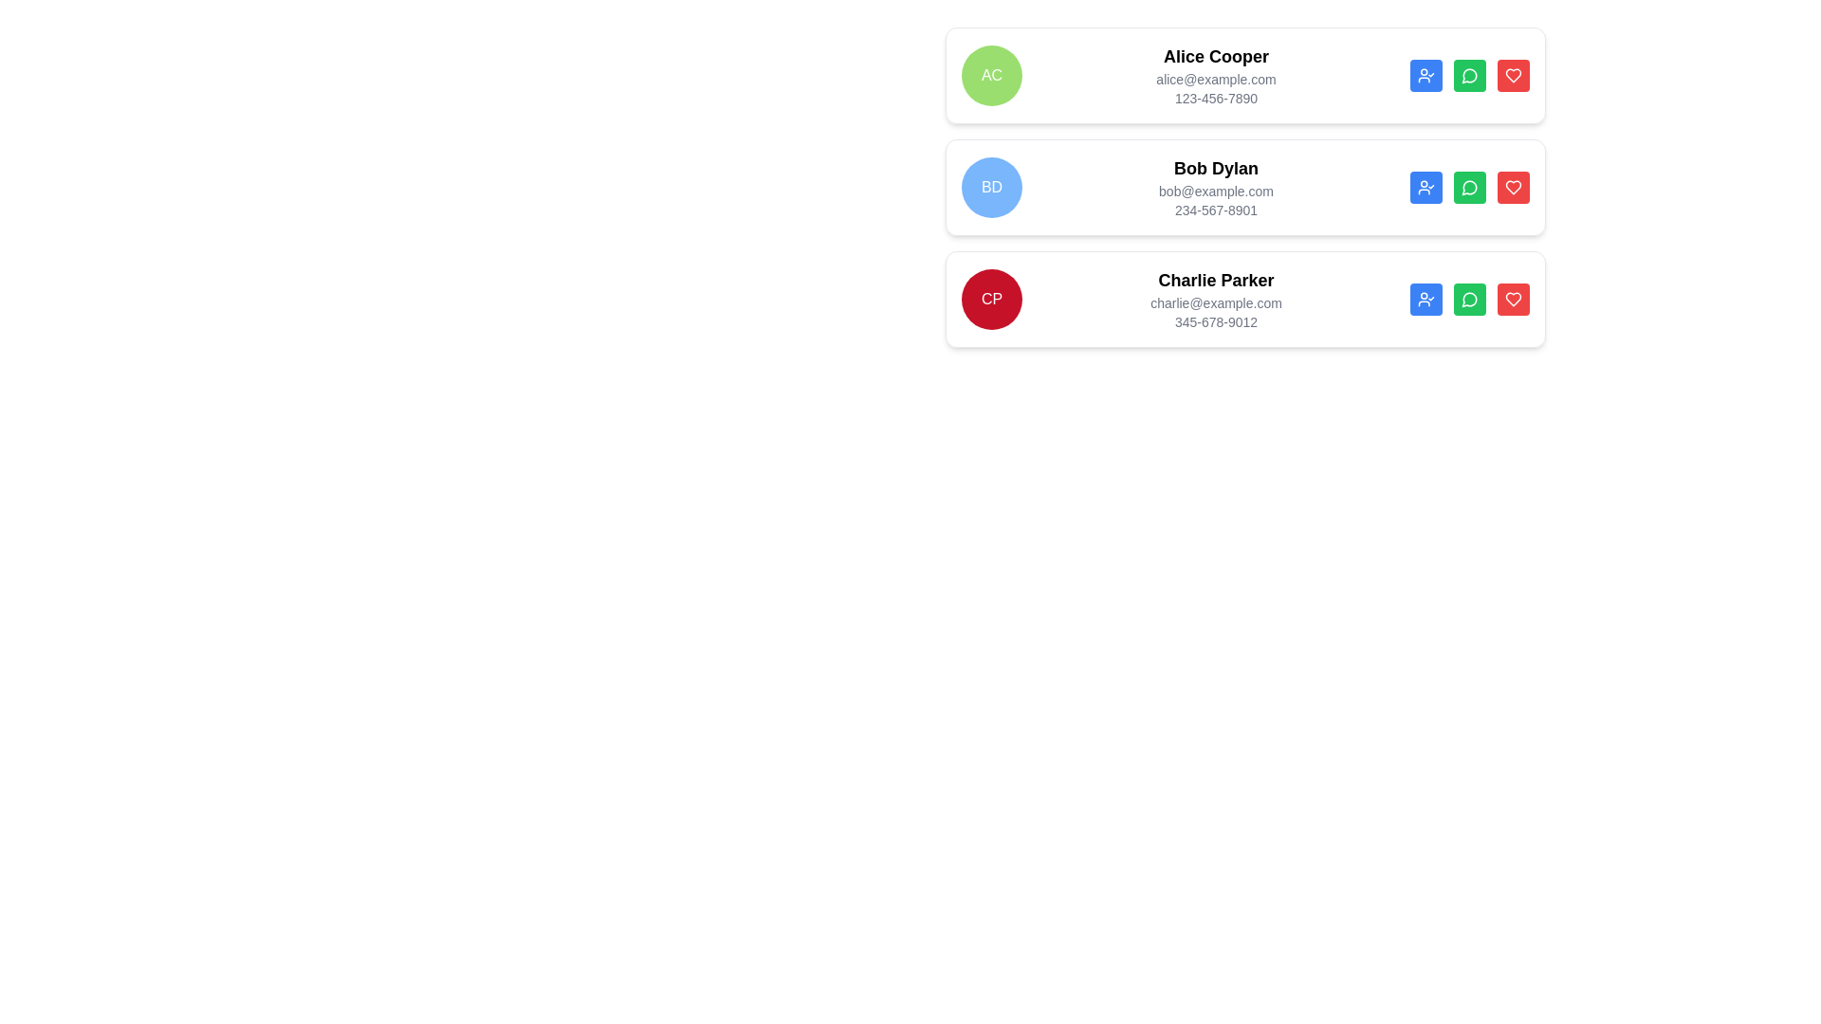 The height and width of the screenshot is (1024, 1821). I want to click on the blue button for more details on the Contact information card for Charlie Parker, which is the third entry in the vertically-stacked group of contact cards, so click(1245, 299).